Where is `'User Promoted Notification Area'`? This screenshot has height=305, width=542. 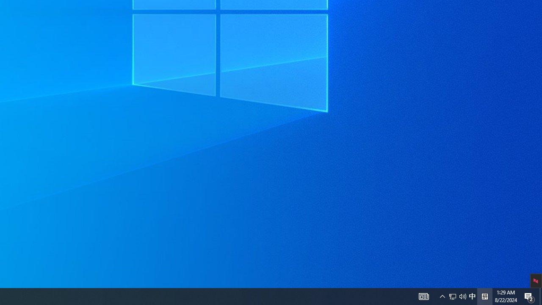 'User Promoted Notification Area' is located at coordinates (472, 296).